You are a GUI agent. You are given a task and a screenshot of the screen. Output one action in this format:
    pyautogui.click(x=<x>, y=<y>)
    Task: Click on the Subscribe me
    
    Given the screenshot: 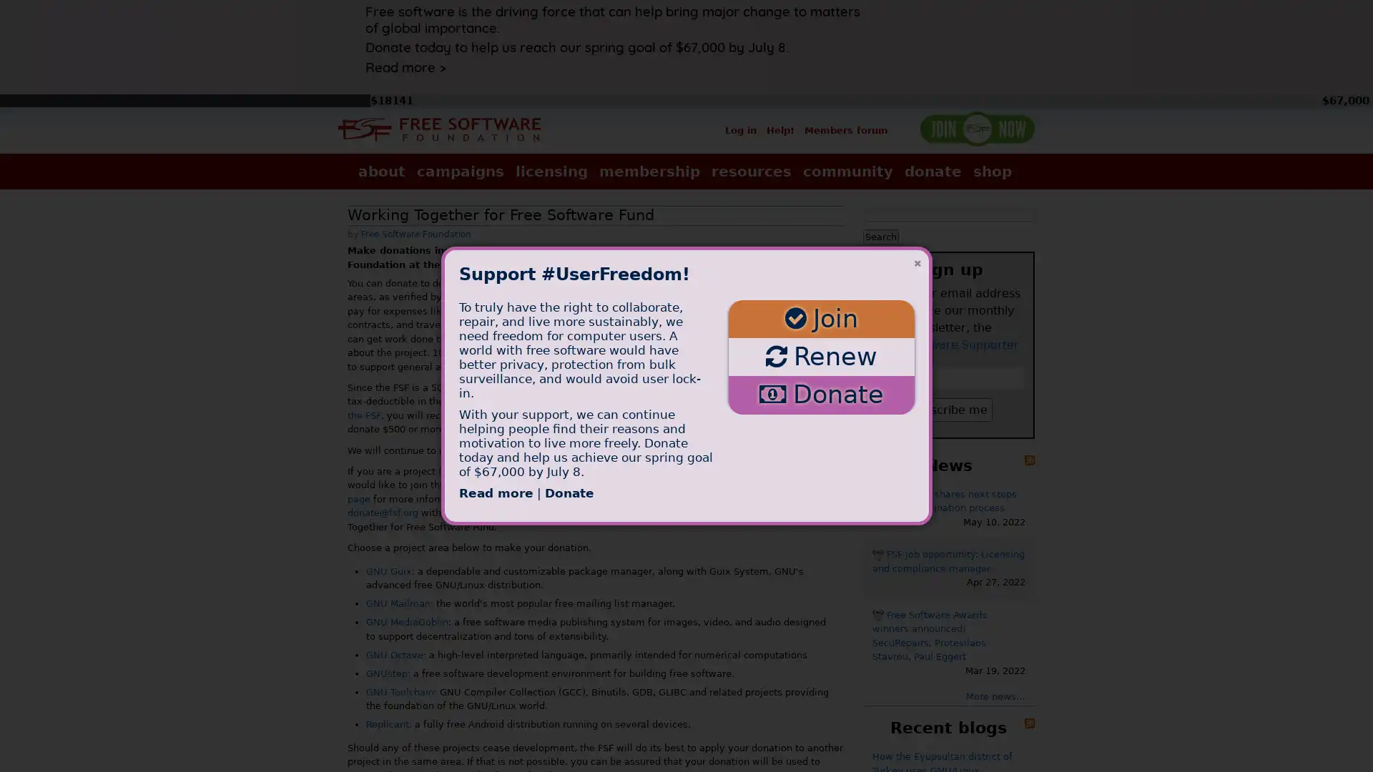 What is the action you would take?
    pyautogui.click(x=948, y=409)
    